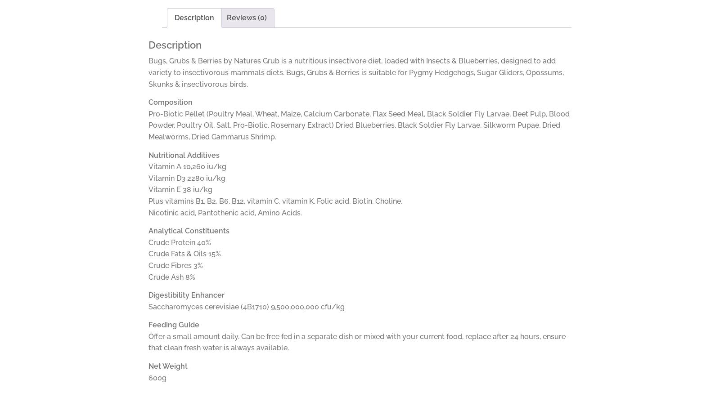  I want to click on 'Vitamin A 10,260 iu/kg', so click(187, 166).